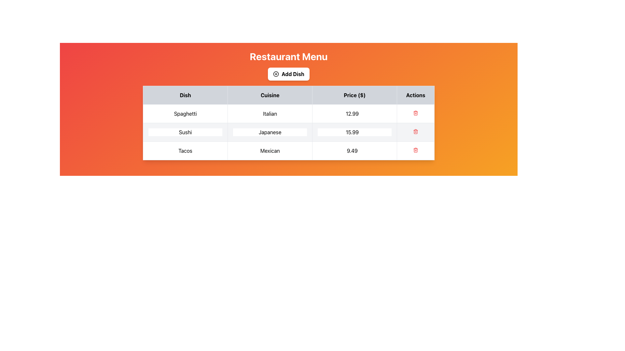 The image size is (625, 351). What do you see at coordinates (270, 132) in the screenshot?
I see `the text input field displaying the cuisine type for the dish 'Sushi', located in the second column of the table labeled 'Cuisine'` at bounding box center [270, 132].